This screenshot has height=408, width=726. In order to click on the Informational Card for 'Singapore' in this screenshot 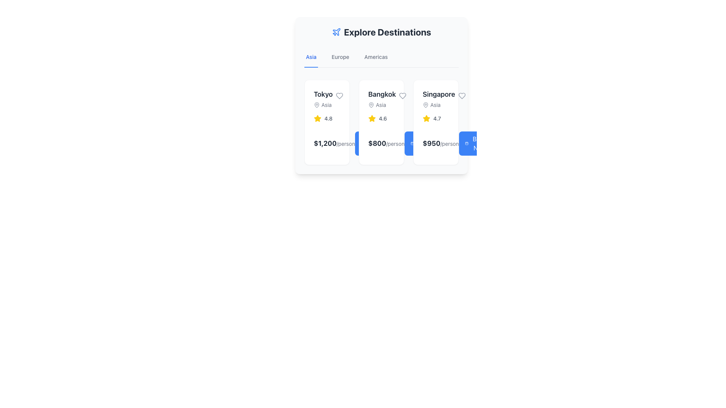, I will do `click(436, 122)`.